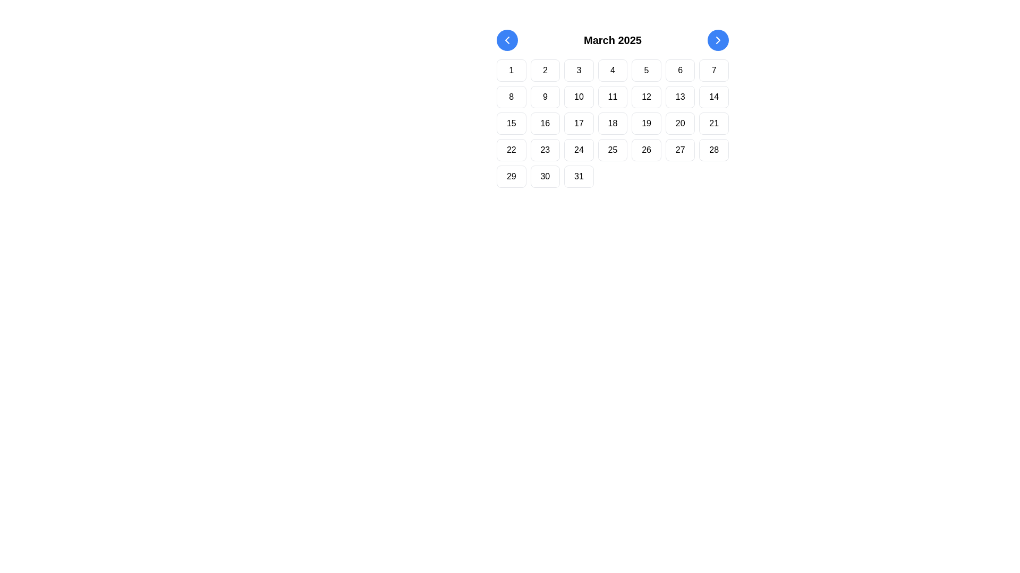 The width and height of the screenshot is (1020, 573). What do you see at coordinates (714, 70) in the screenshot?
I see `the Calendar date button representing the seventh day in the calendar grid` at bounding box center [714, 70].